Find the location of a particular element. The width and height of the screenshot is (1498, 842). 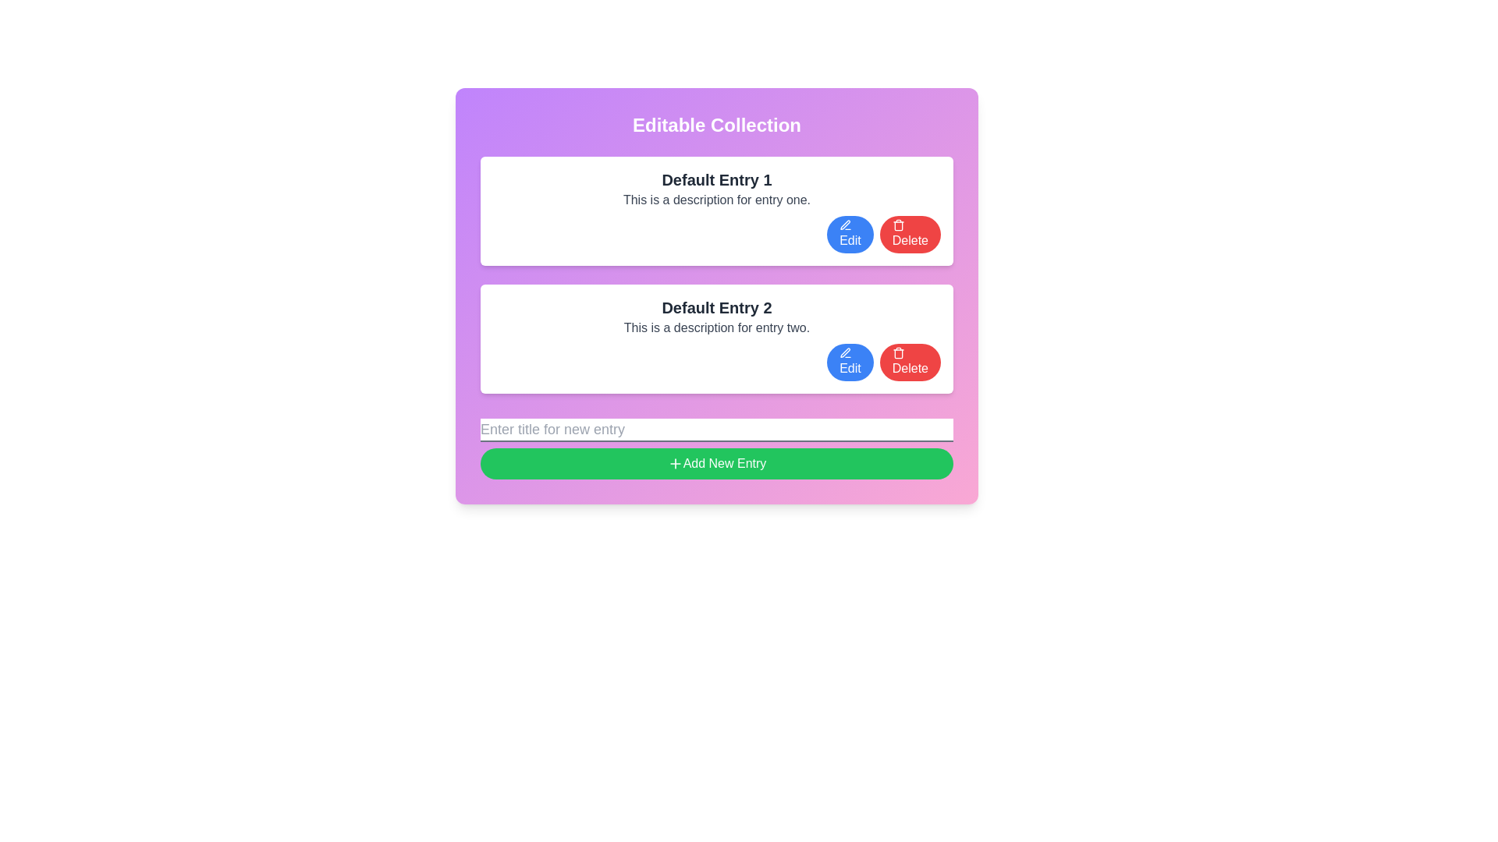

within the 'Editable Collection' area to interact with the entries displayed in white cards is located at coordinates (715, 296).